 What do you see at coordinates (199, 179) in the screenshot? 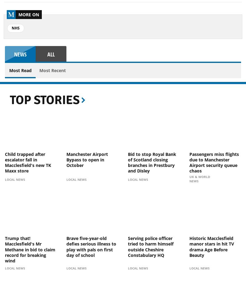
I see `'UK & World News'` at bounding box center [199, 179].